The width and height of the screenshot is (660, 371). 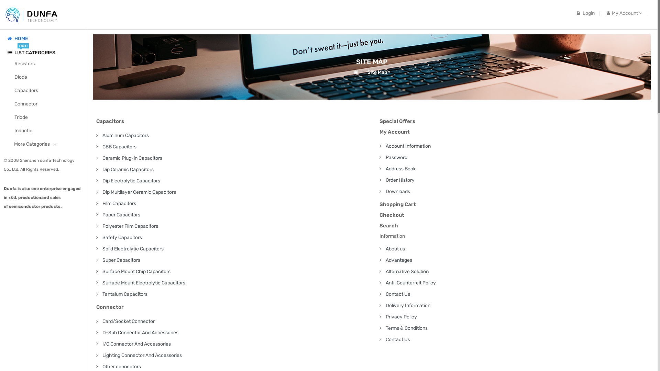 I want to click on 'D-Sub Connector And Accessories', so click(x=102, y=332).